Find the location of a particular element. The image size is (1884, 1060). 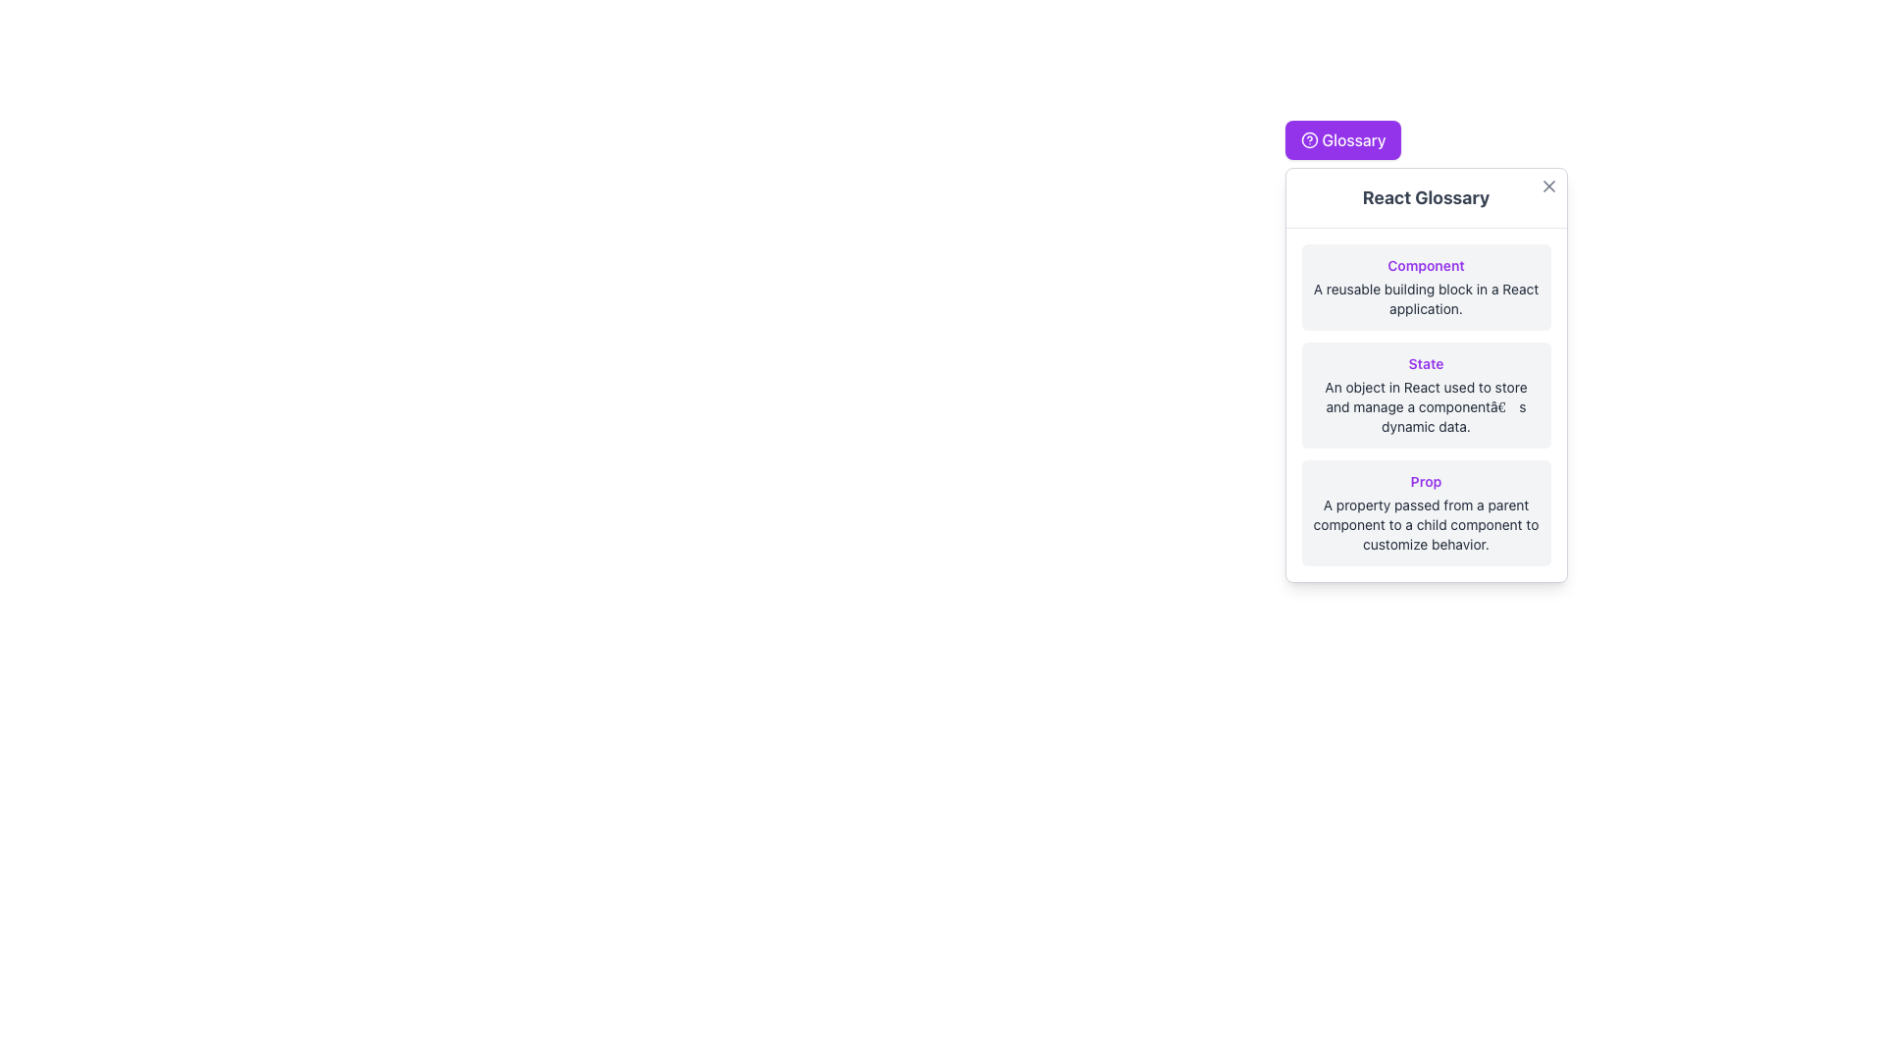

the hollow SVG circle graphic located in the top-right corner of the interface, which is above the 'React Glossary' label is located at coordinates (1309, 138).